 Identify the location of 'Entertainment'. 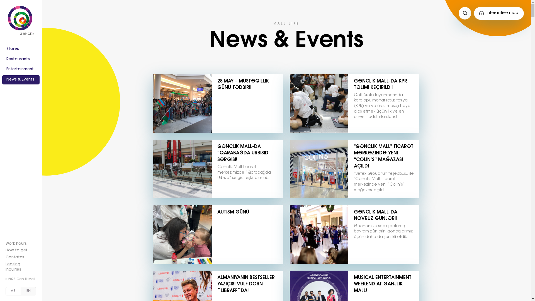
(21, 69).